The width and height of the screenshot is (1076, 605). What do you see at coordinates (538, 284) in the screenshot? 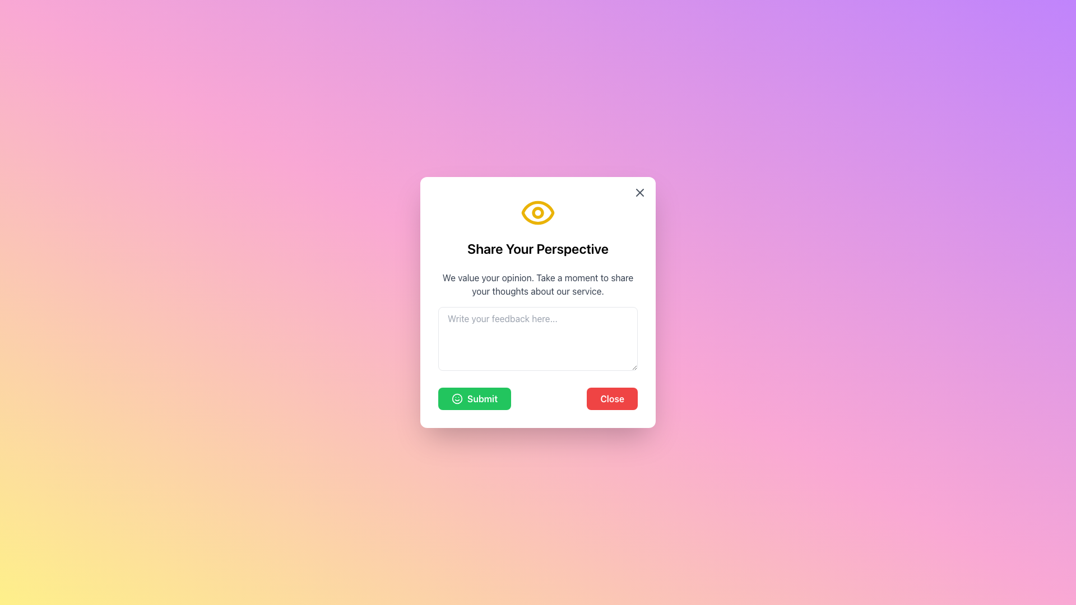
I see `the static text block that says, "We value your opinion. Take a moment to share your thoughts about our service." This block is located below the heading "Share Your Perspective" in a modal dialog box` at bounding box center [538, 284].